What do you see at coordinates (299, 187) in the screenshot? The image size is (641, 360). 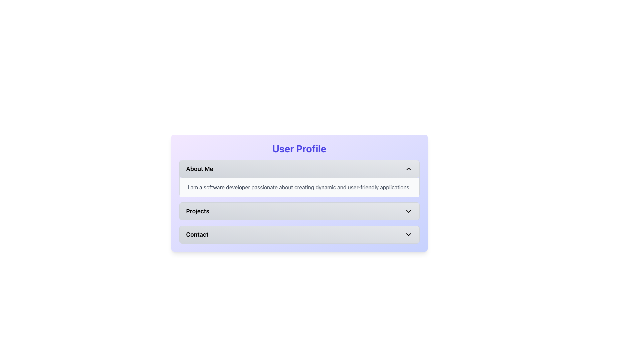 I see `the descriptive text box that provides information about the user's professional background and interests, located within the 'About Me' section` at bounding box center [299, 187].